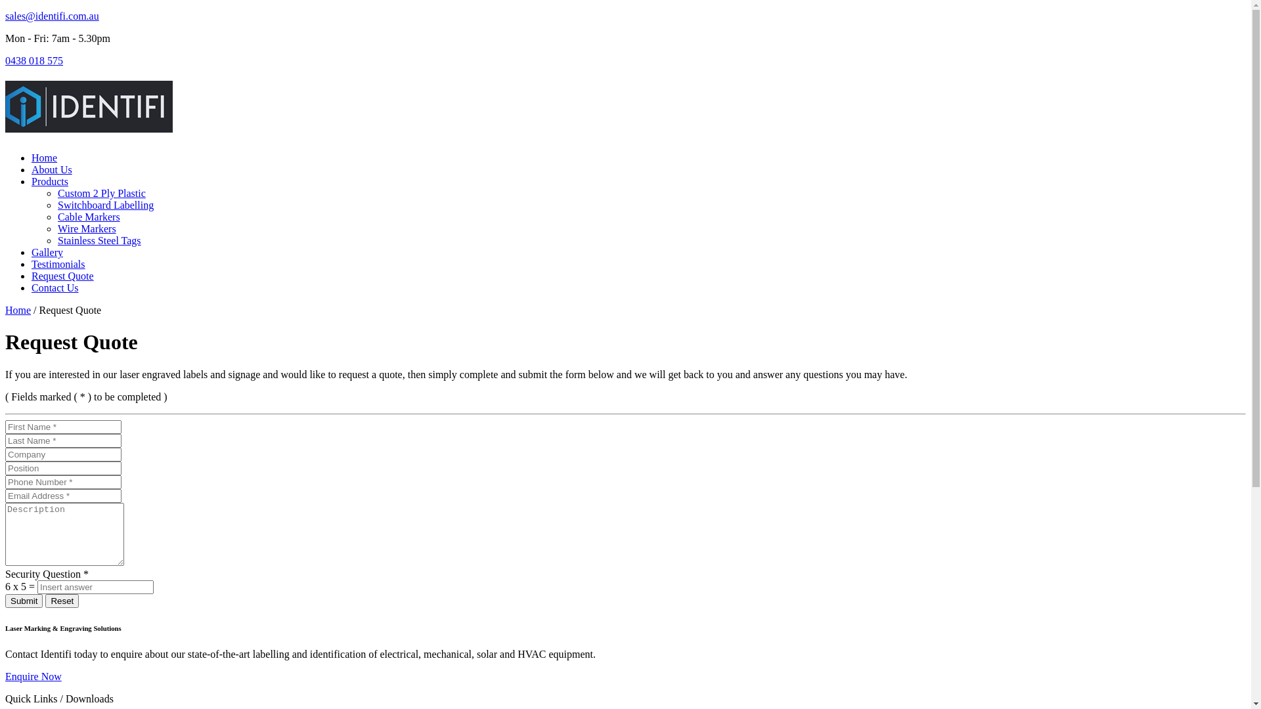 This screenshot has width=1261, height=709. Describe the element at coordinates (86, 228) in the screenshot. I see `'Wire Markers'` at that location.